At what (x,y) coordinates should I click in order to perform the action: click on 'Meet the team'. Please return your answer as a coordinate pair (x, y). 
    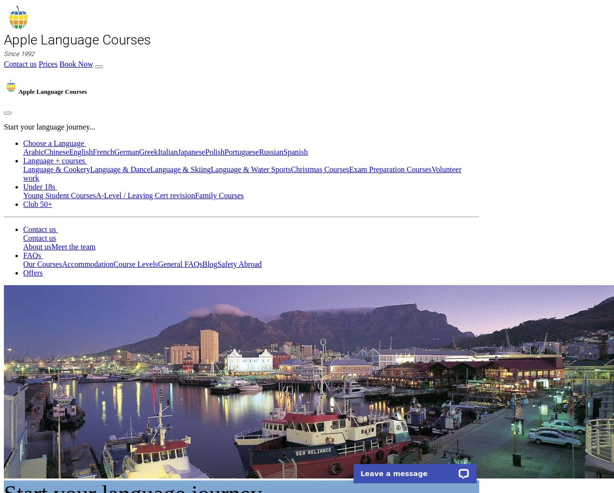
    Looking at the image, I should click on (72, 246).